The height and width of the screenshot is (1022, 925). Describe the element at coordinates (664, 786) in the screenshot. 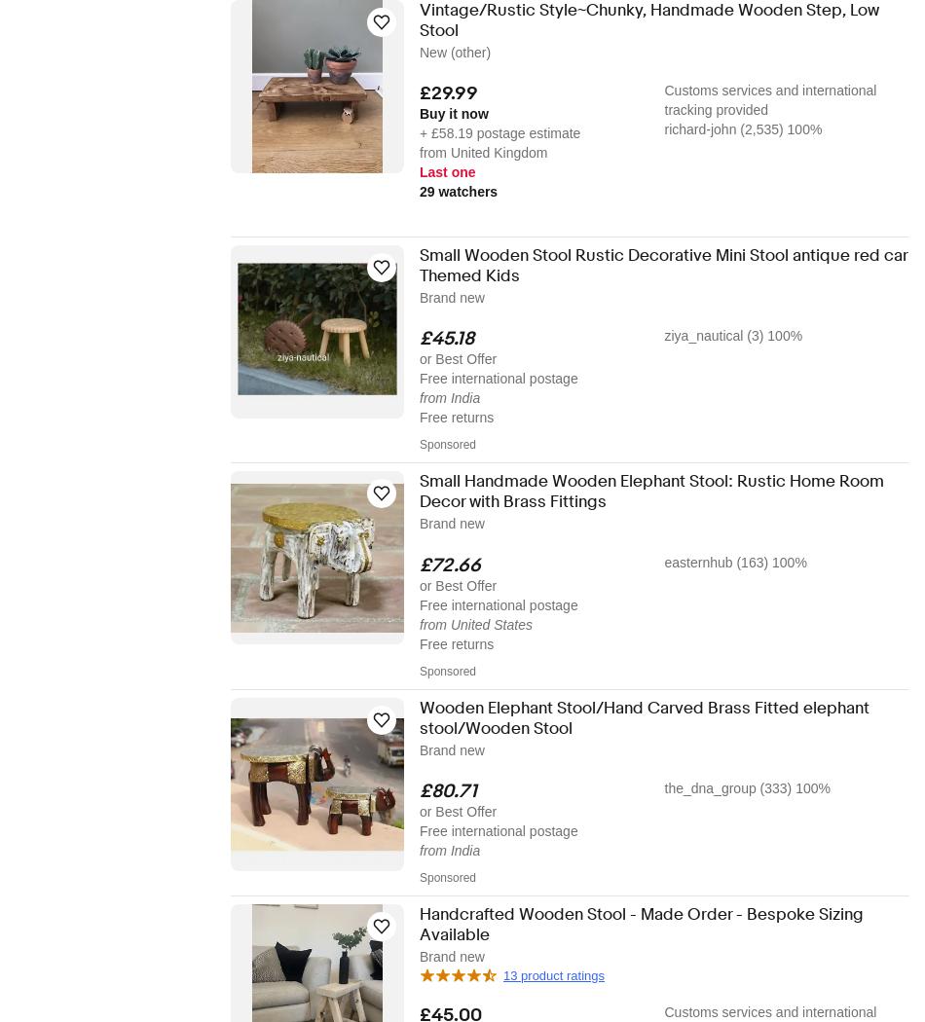

I see `'the_dna_group (333) 100%'` at that location.